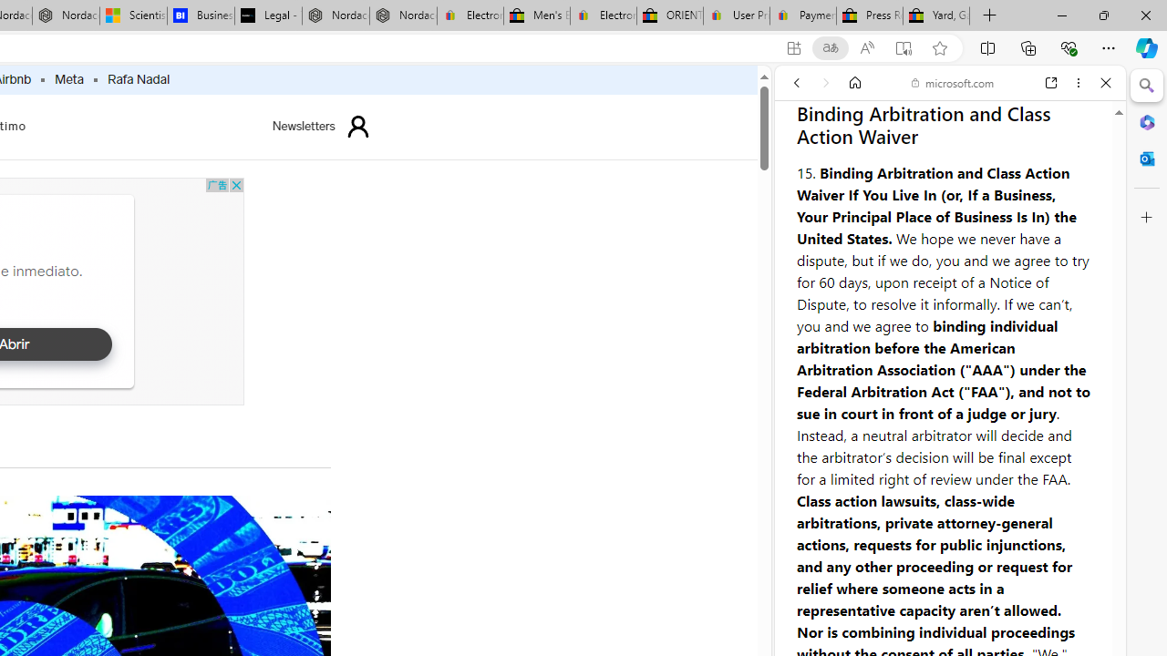 This screenshot has height=656, width=1167. I want to click on 'Web scope', so click(803, 164).